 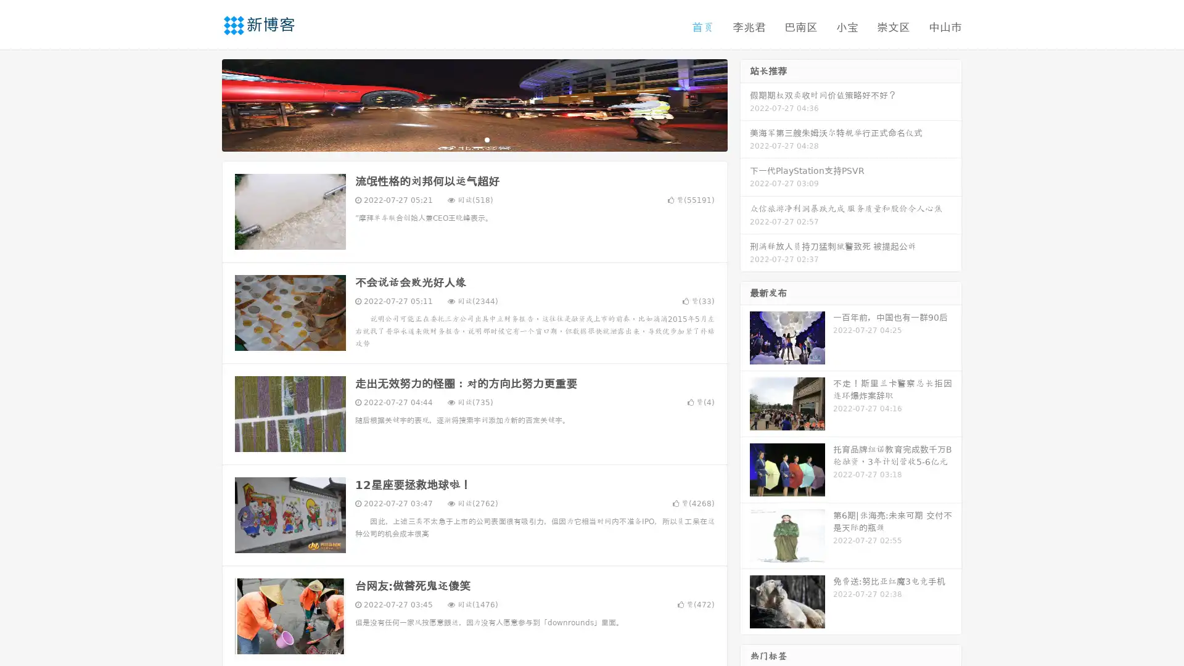 I want to click on Next slide, so click(x=745, y=104).